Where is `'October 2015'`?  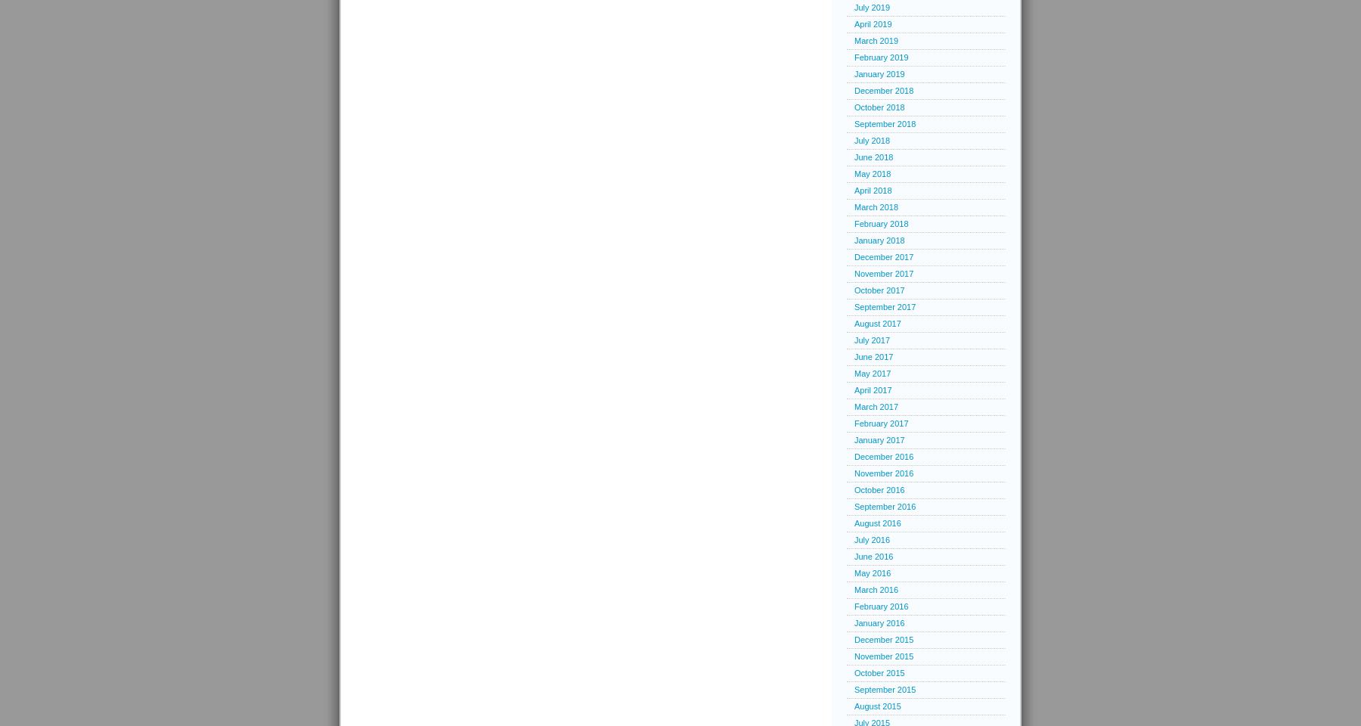
'October 2015' is located at coordinates (878, 672).